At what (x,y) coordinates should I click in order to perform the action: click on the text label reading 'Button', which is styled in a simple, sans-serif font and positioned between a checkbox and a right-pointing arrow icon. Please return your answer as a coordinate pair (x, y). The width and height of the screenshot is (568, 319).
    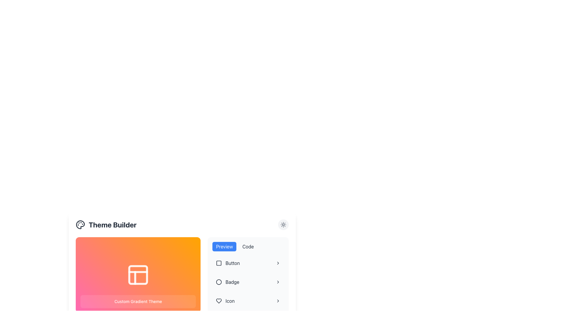
    Looking at the image, I should click on (232, 263).